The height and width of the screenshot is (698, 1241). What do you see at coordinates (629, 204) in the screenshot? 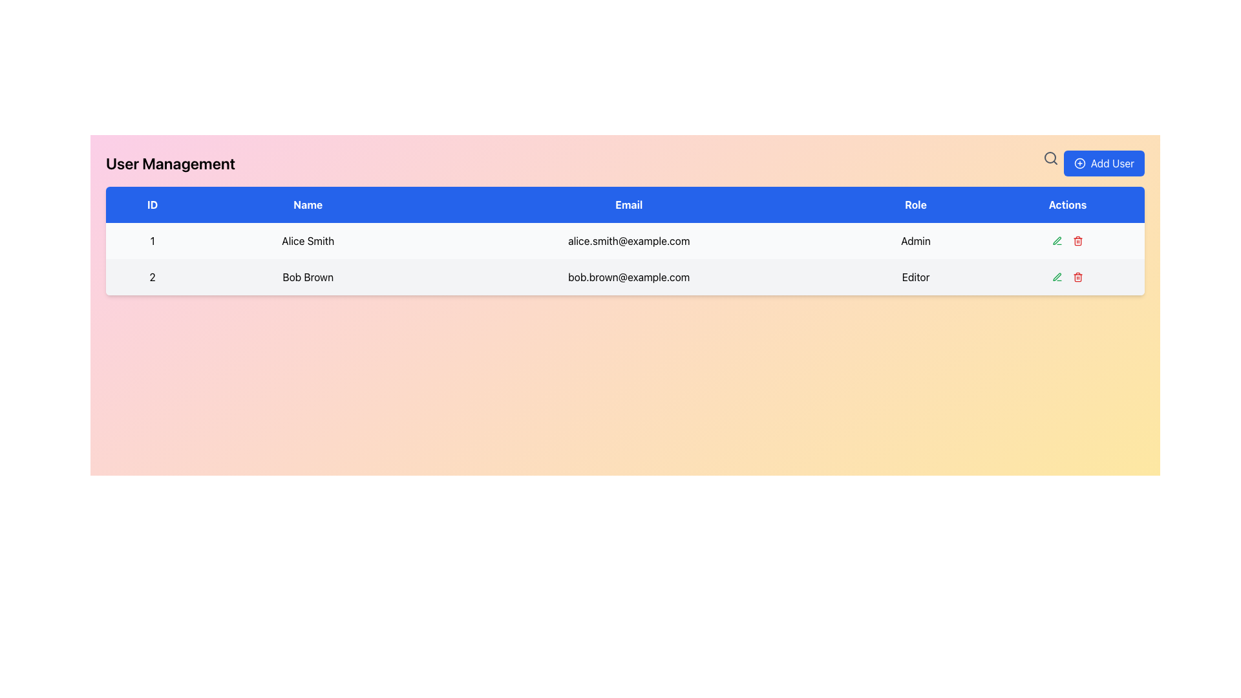
I see `'Email' label, which is a text label displayed in white on a blue background, located as the third column header in a table structure` at bounding box center [629, 204].